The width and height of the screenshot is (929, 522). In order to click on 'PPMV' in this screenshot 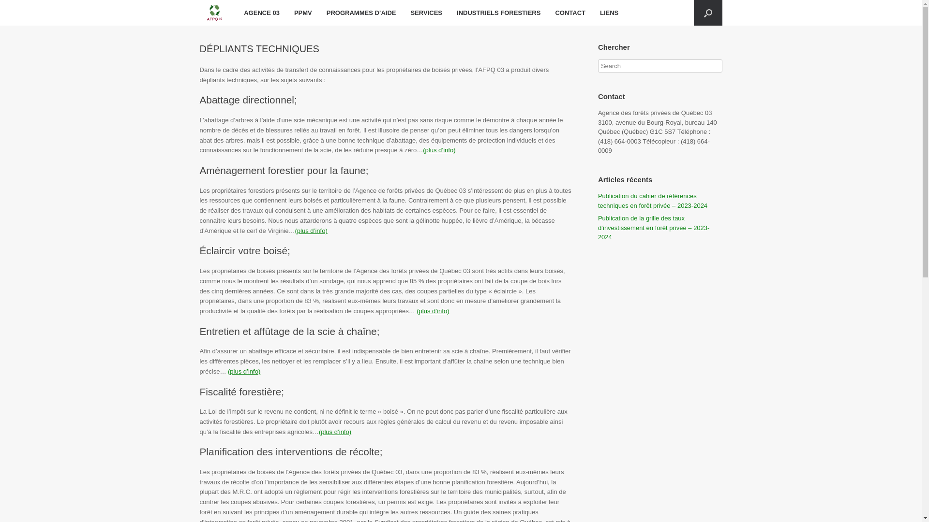, I will do `click(302, 13)`.